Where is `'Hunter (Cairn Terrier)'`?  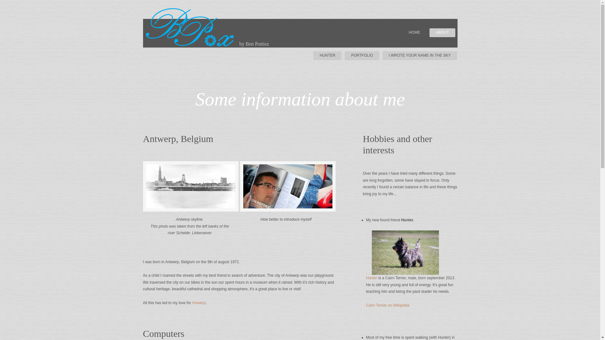
'Hunter (Cairn Terrier)' is located at coordinates (372, 252).